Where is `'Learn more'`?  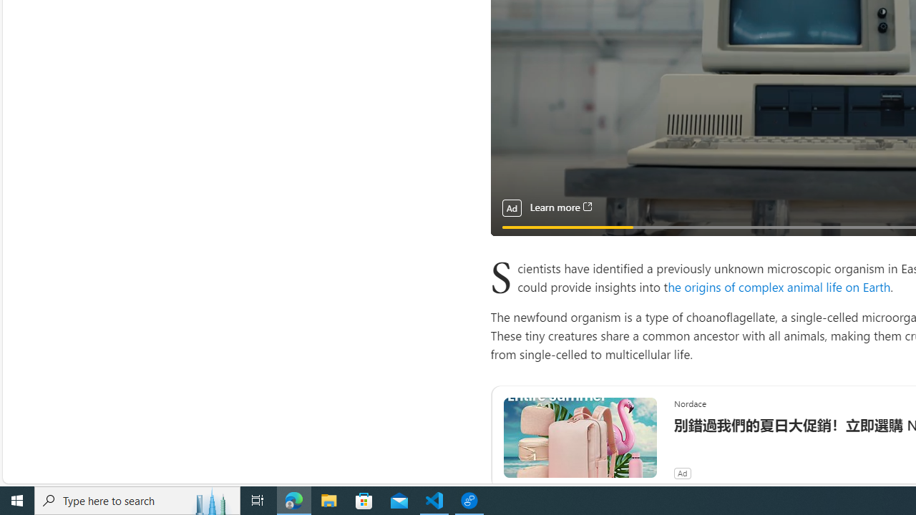
'Learn more' is located at coordinates (560, 207).